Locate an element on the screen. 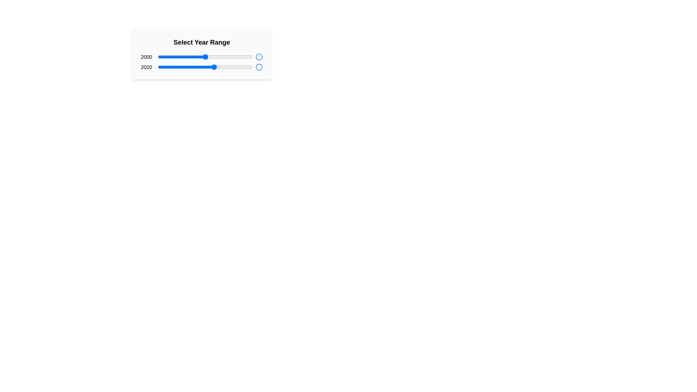 This screenshot has width=697, height=392. the year slider is located at coordinates (163, 67).